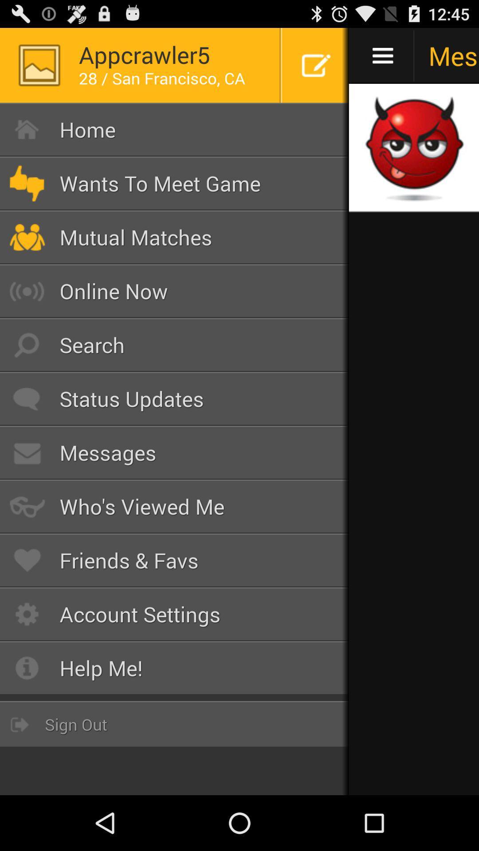 This screenshot has width=479, height=851. What do you see at coordinates (174, 398) in the screenshot?
I see `status updates` at bounding box center [174, 398].